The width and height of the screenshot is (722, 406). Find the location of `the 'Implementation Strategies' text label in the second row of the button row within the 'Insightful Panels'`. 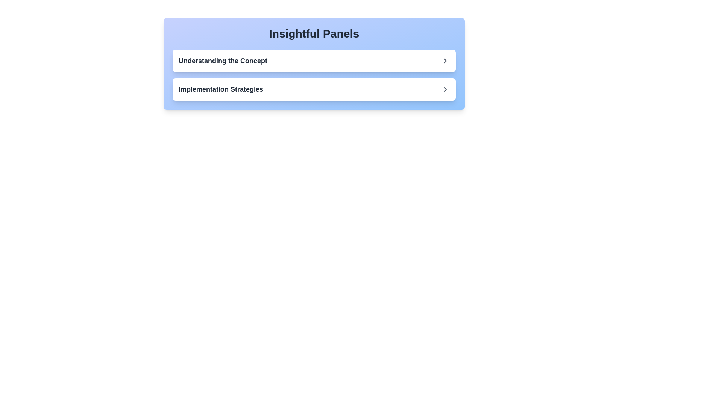

the 'Implementation Strategies' text label in the second row of the button row within the 'Insightful Panels' is located at coordinates (220, 89).